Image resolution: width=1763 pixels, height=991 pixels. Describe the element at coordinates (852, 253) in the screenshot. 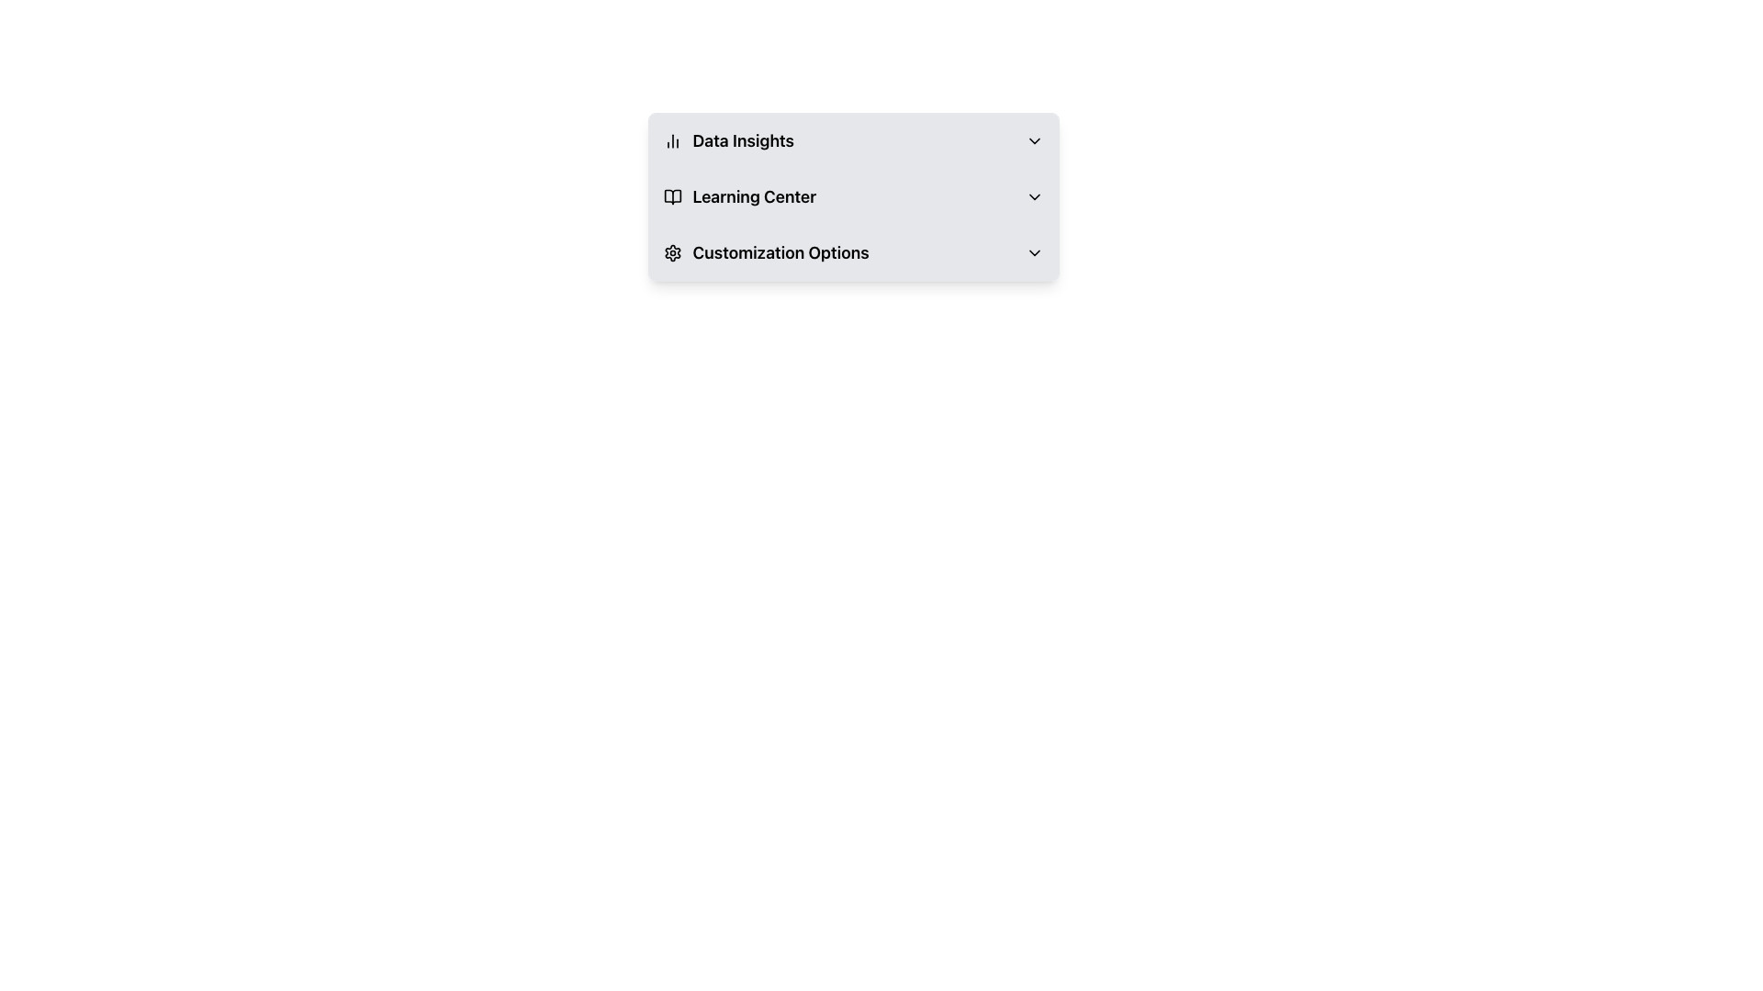

I see `the third selectable row with icons and text that provides access to 'Customization Options' for quick navigation` at that location.